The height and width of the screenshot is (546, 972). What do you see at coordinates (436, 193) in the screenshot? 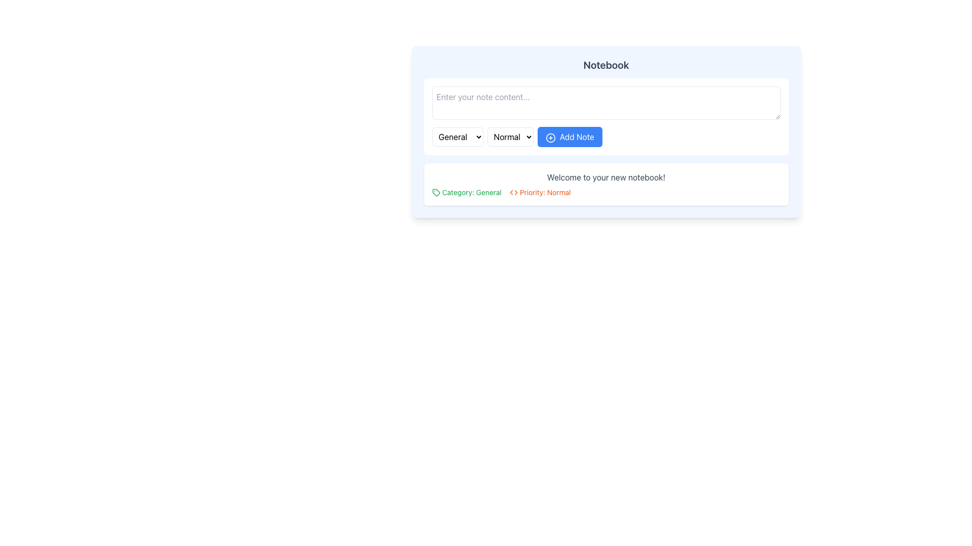
I see `the icon that visually indicates the context of 'Category: General', located in the lower row of the interface` at bounding box center [436, 193].